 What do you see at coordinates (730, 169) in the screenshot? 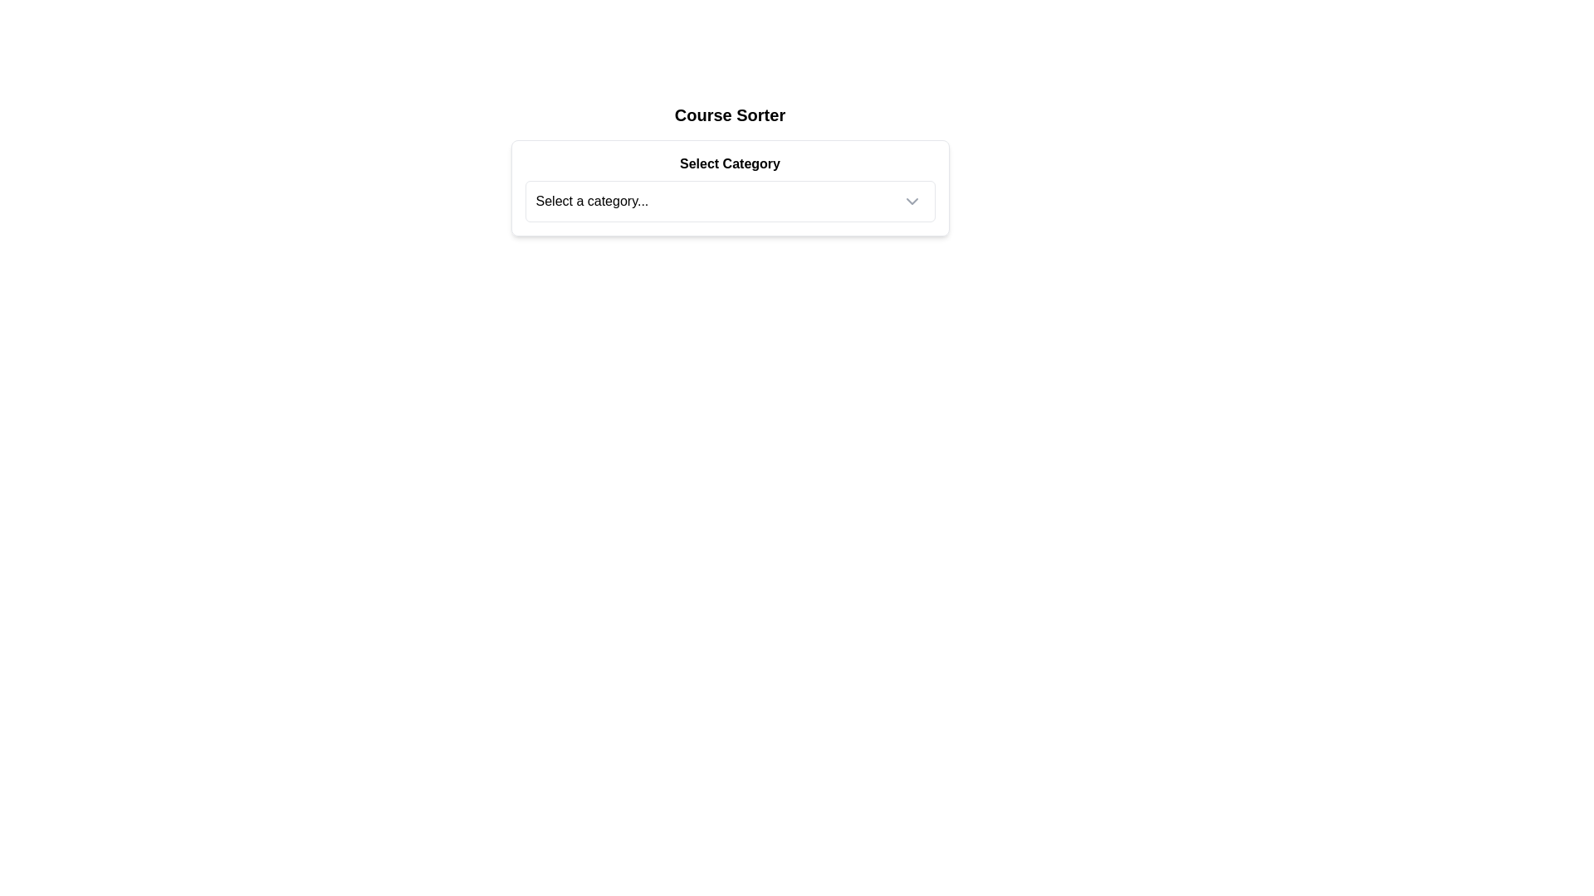
I see `the text label that serves as a title for the dropdown list, positioned above the dropdown field labeled 'Select a category...'` at bounding box center [730, 169].